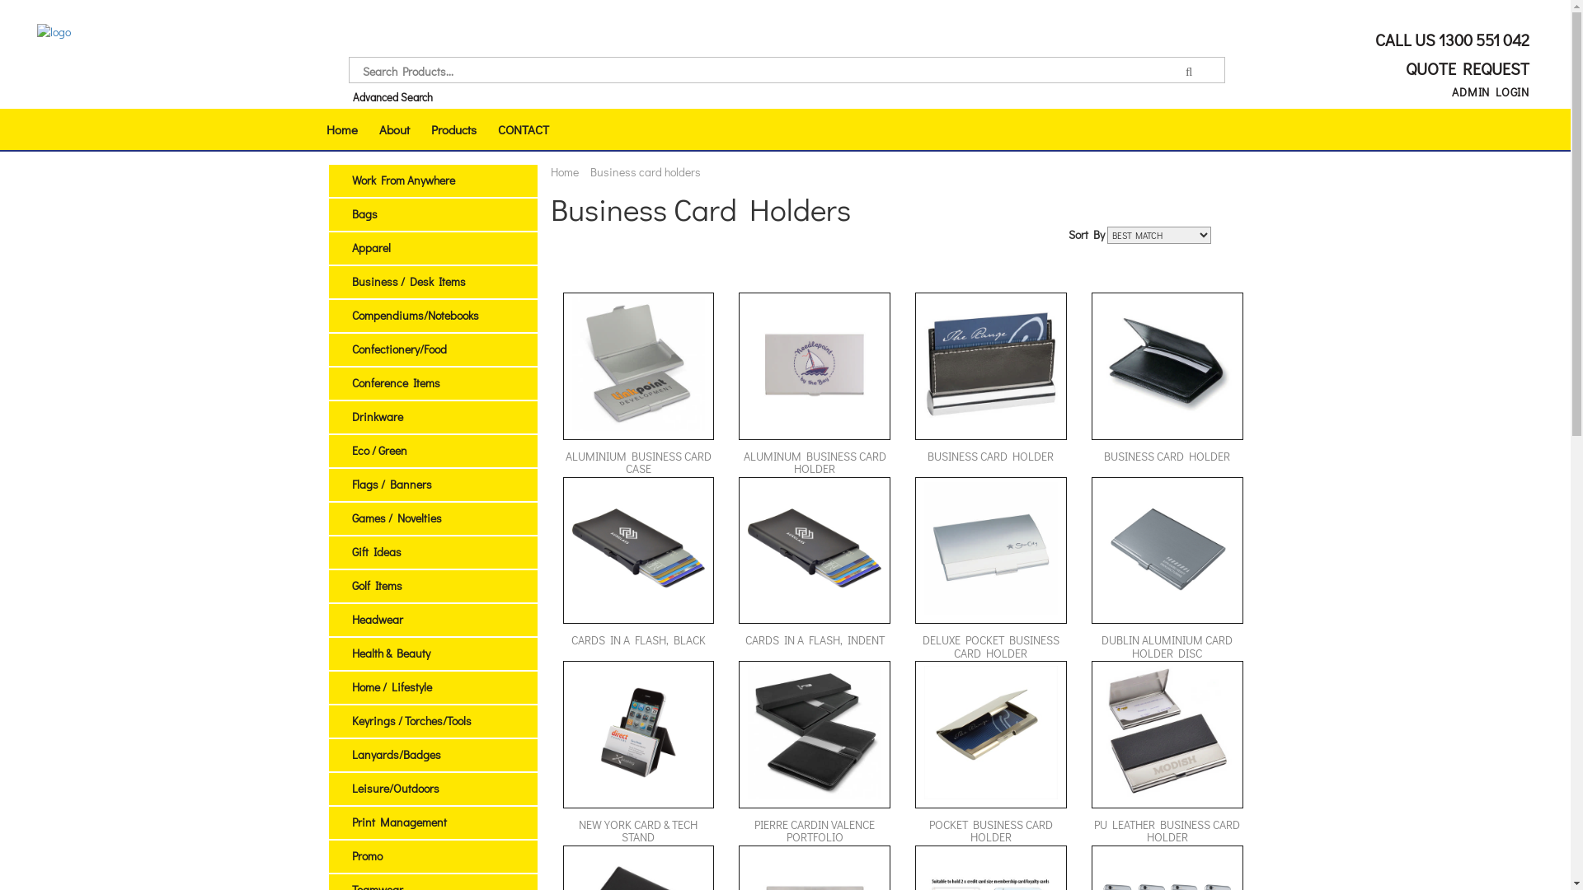 The image size is (1583, 890). I want to click on 'Eco / Green', so click(378, 450).